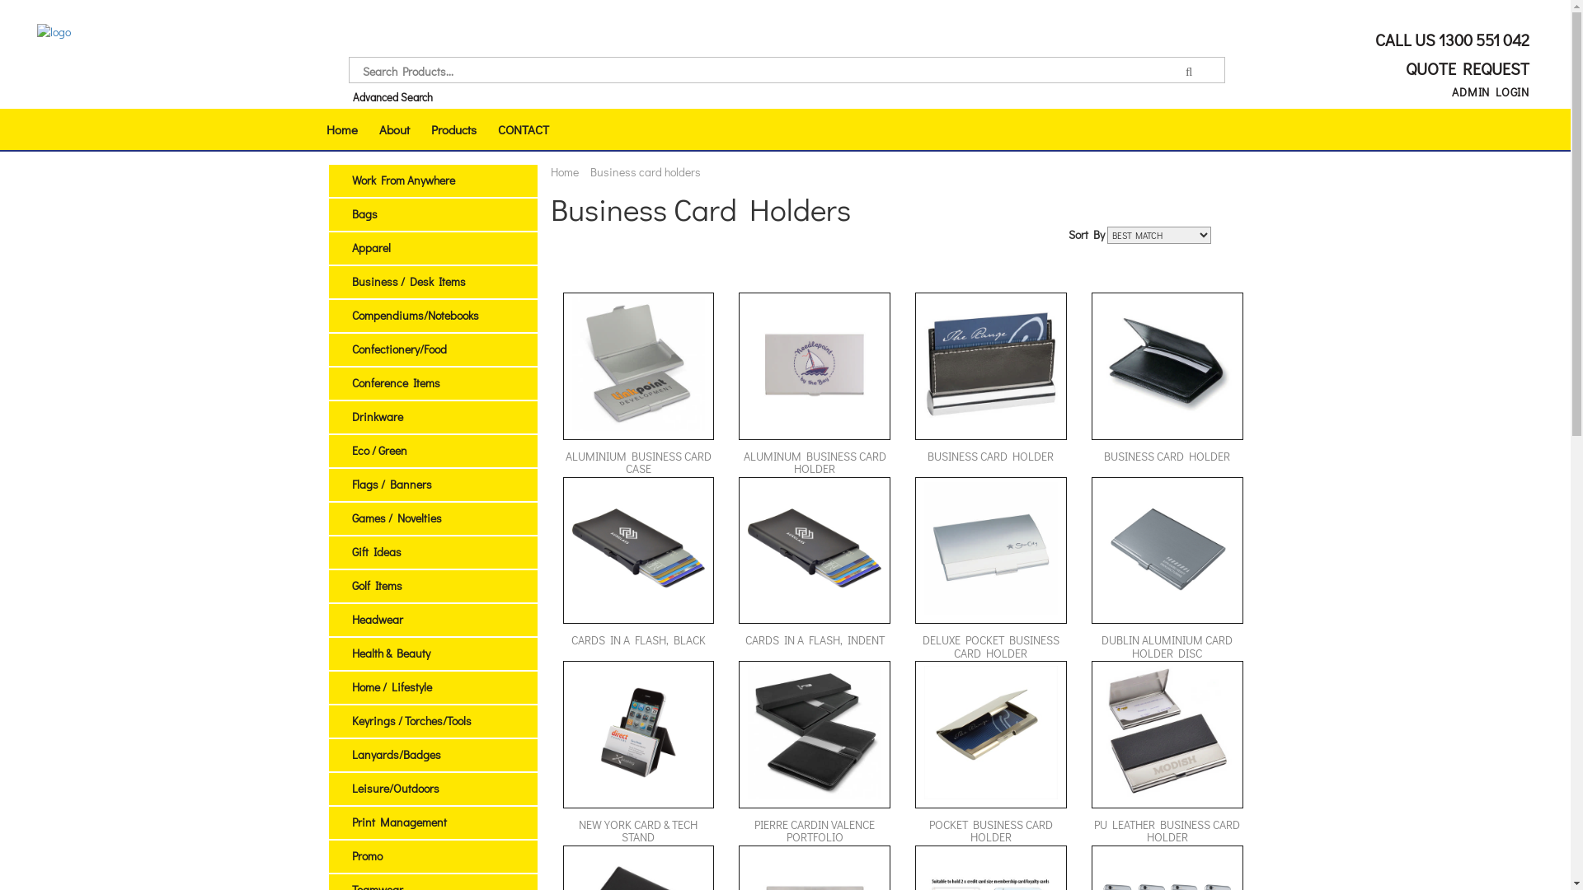 The image size is (1583, 890). I want to click on 'Eco / Green', so click(378, 450).